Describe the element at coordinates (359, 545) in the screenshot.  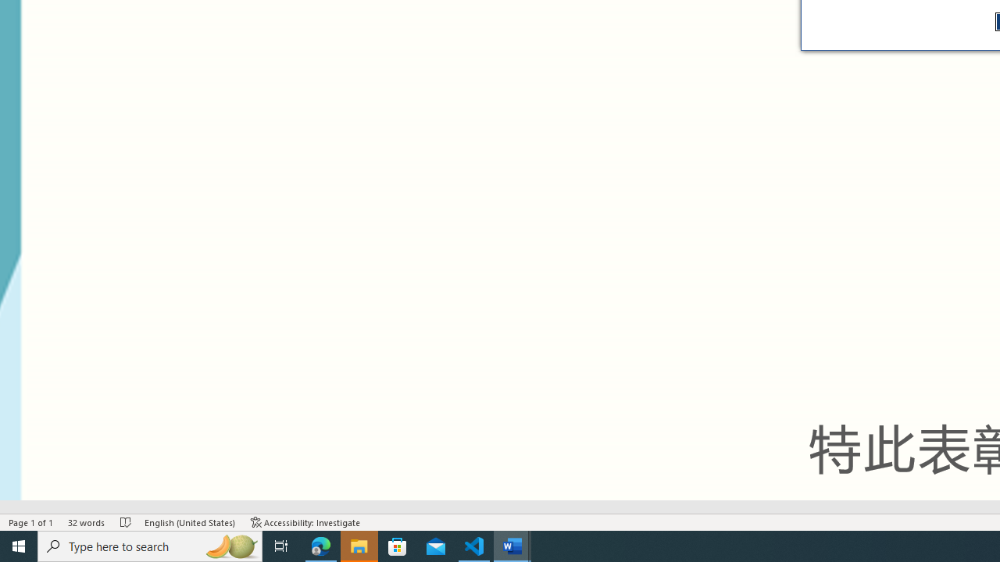
I see `'File Explorer - 1 running window'` at that location.